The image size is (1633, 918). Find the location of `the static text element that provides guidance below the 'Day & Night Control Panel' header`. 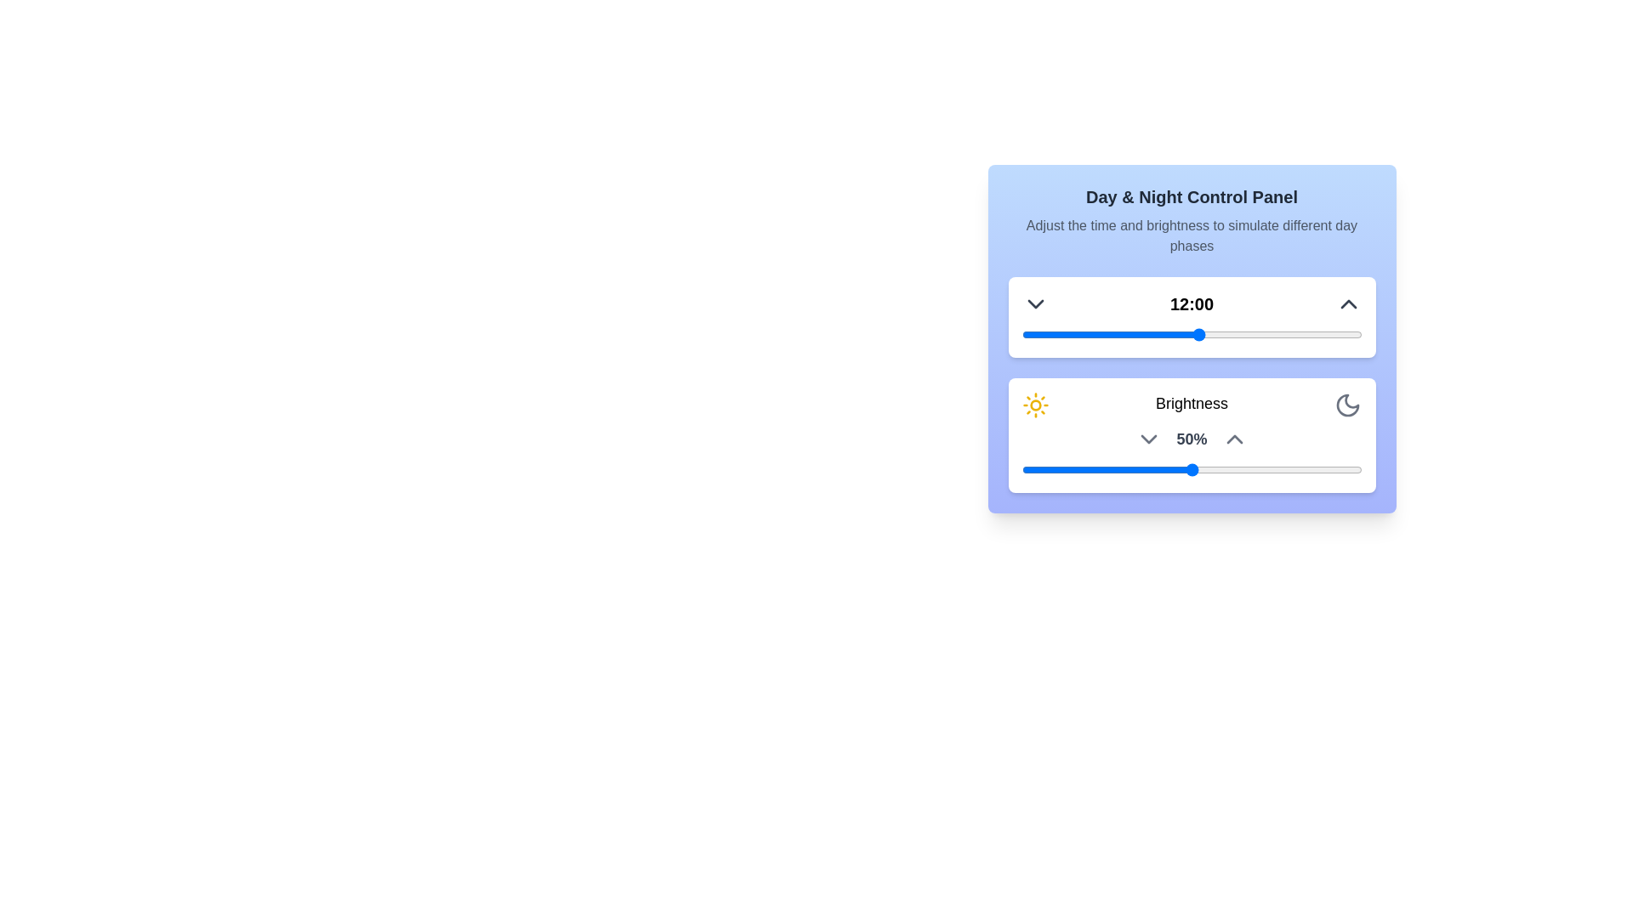

the static text element that provides guidance below the 'Day & Night Control Panel' header is located at coordinates (1191, 235).